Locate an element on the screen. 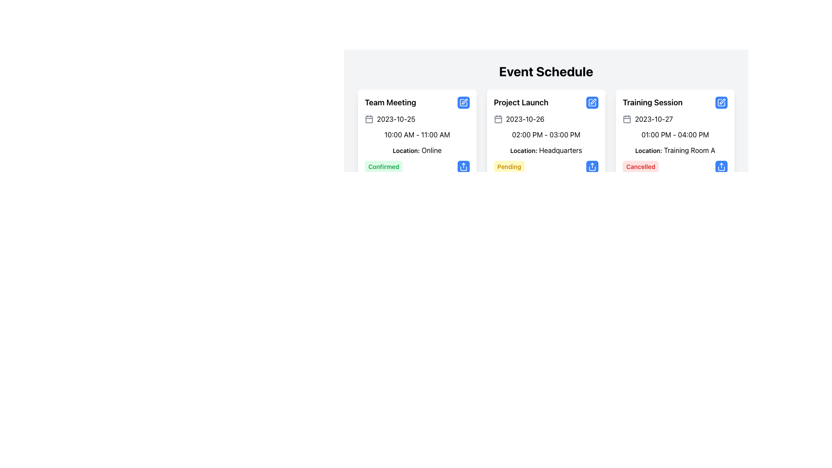 This screenshot has width=832, height=468. the pen icon in the header row of the schedule table, located to the right of the 'Project Launch' column title is located at coordinates (464, 101).